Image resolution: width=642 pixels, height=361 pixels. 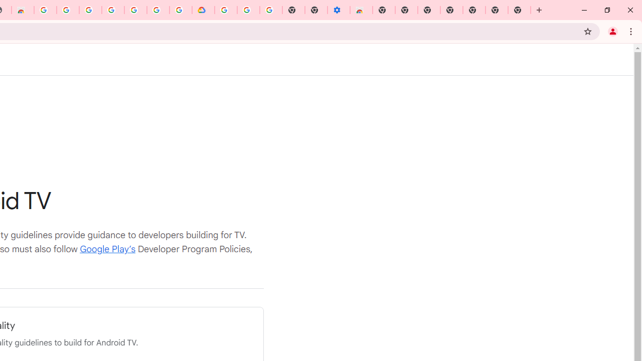 What do you see at coordinates (339, 10) in the screenshot?
I see `'Settings - Accessibility'` at bounding box center [339, 10].